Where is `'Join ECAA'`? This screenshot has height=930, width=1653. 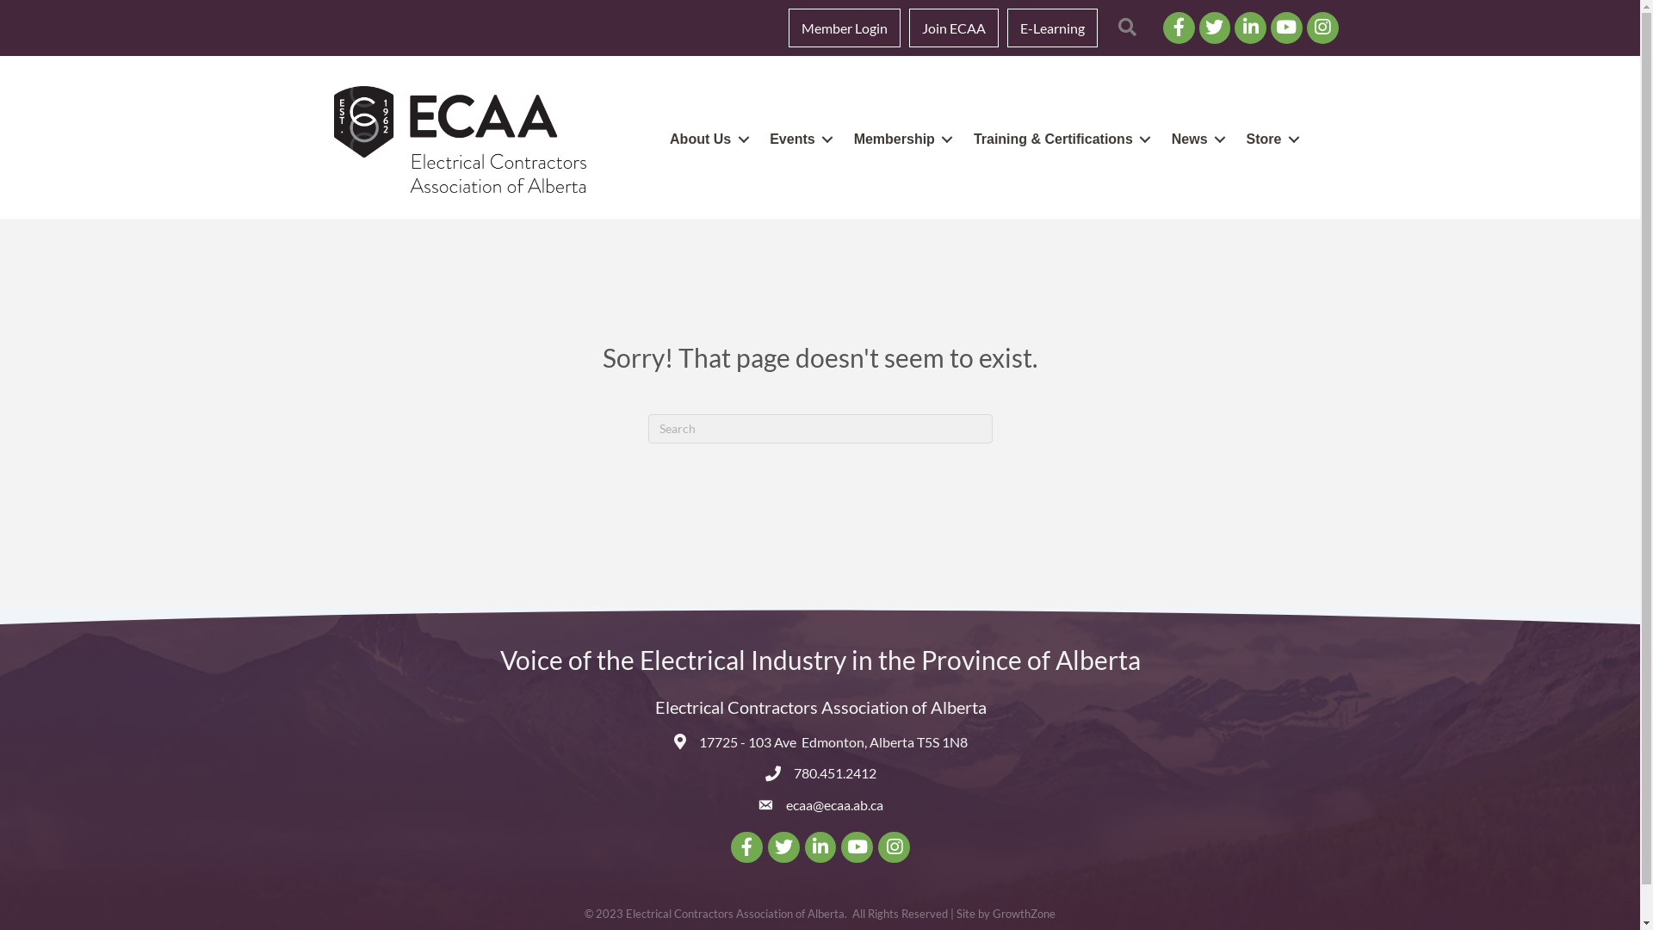 'Join ECAA' is located at coordinates (953, 28).